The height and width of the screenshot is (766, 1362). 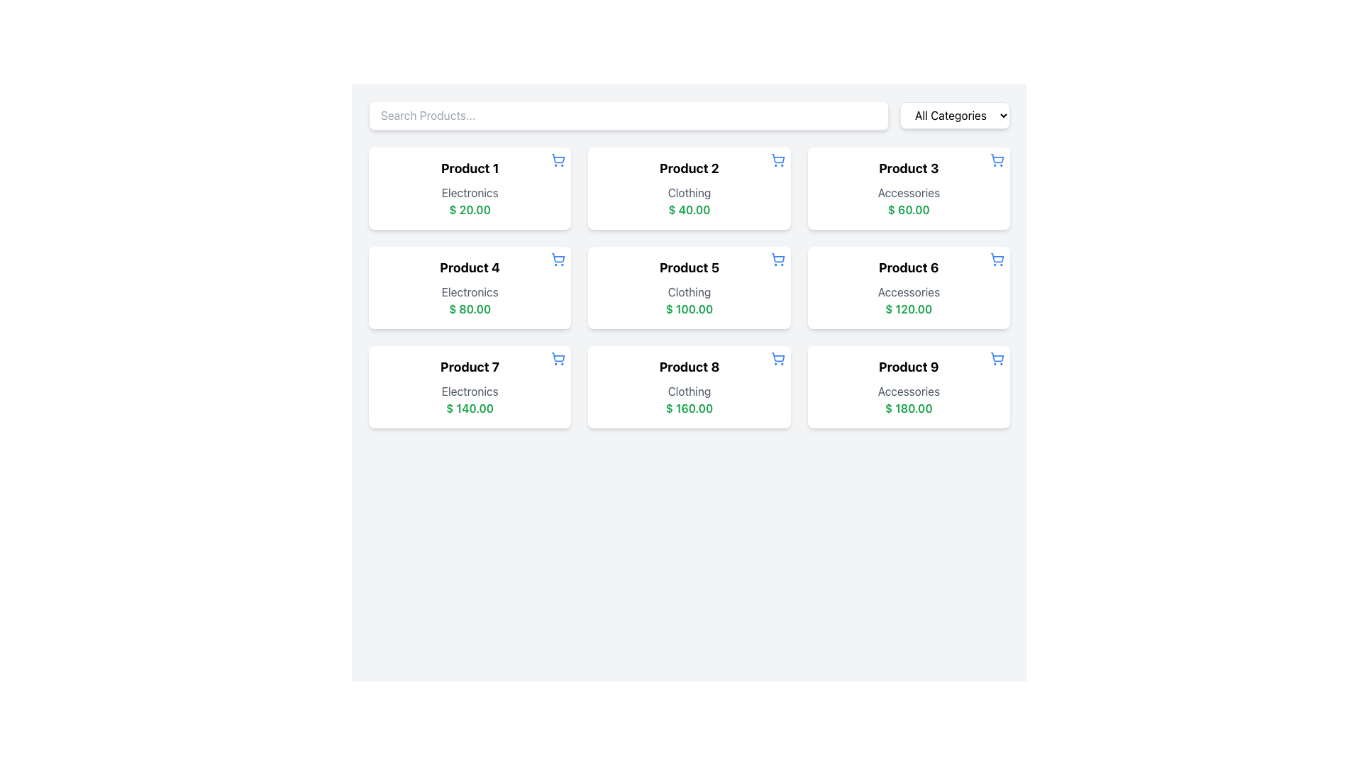 I want to click on the green text label displaying the price '$ 80.00' located at the bottom-center of the 'Product 4' card under the 'Electronics' label, so click(x=470, y=308).